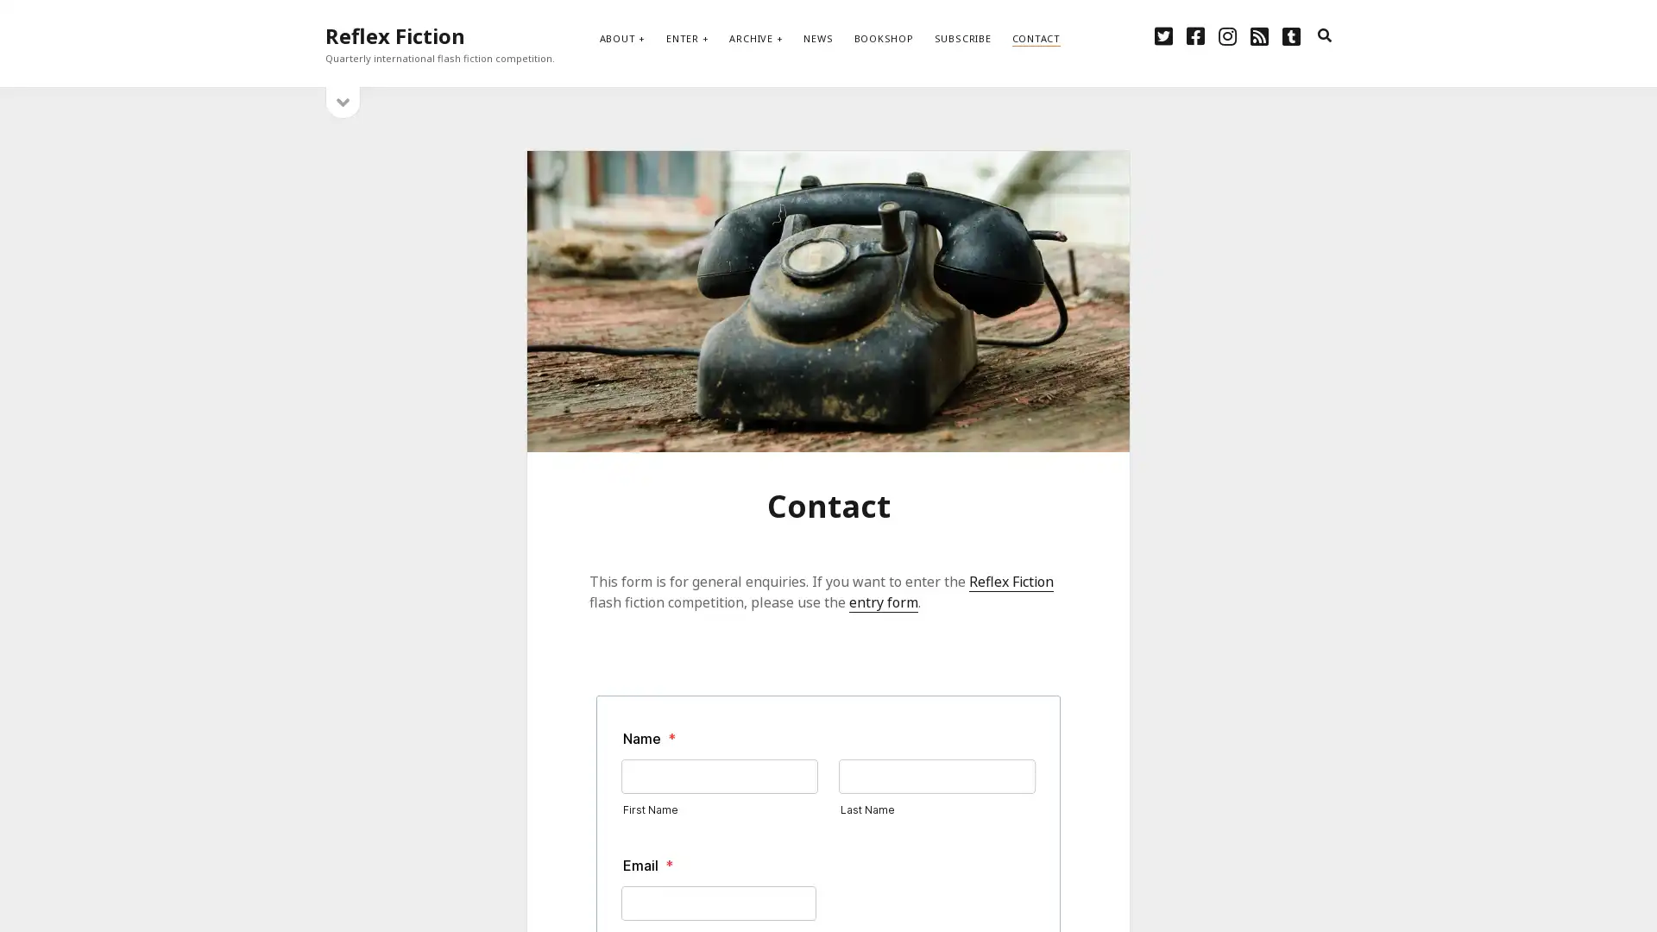 The height and width of the screenshot is (932, 1657). I want to click on open sidebar, so click(342, 103).